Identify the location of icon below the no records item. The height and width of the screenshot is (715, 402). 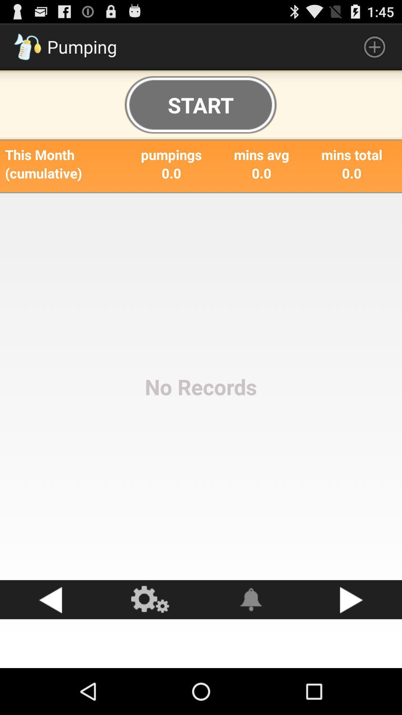
(50, 600).